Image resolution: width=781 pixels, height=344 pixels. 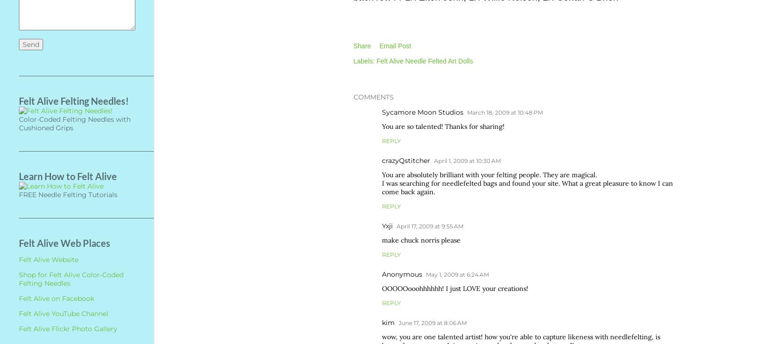 What do you see at coordinates (68, 328) in the screenshot?
I see `'Felt Alive Flickr Photo Gallery'` at bounding box center [68, 328].